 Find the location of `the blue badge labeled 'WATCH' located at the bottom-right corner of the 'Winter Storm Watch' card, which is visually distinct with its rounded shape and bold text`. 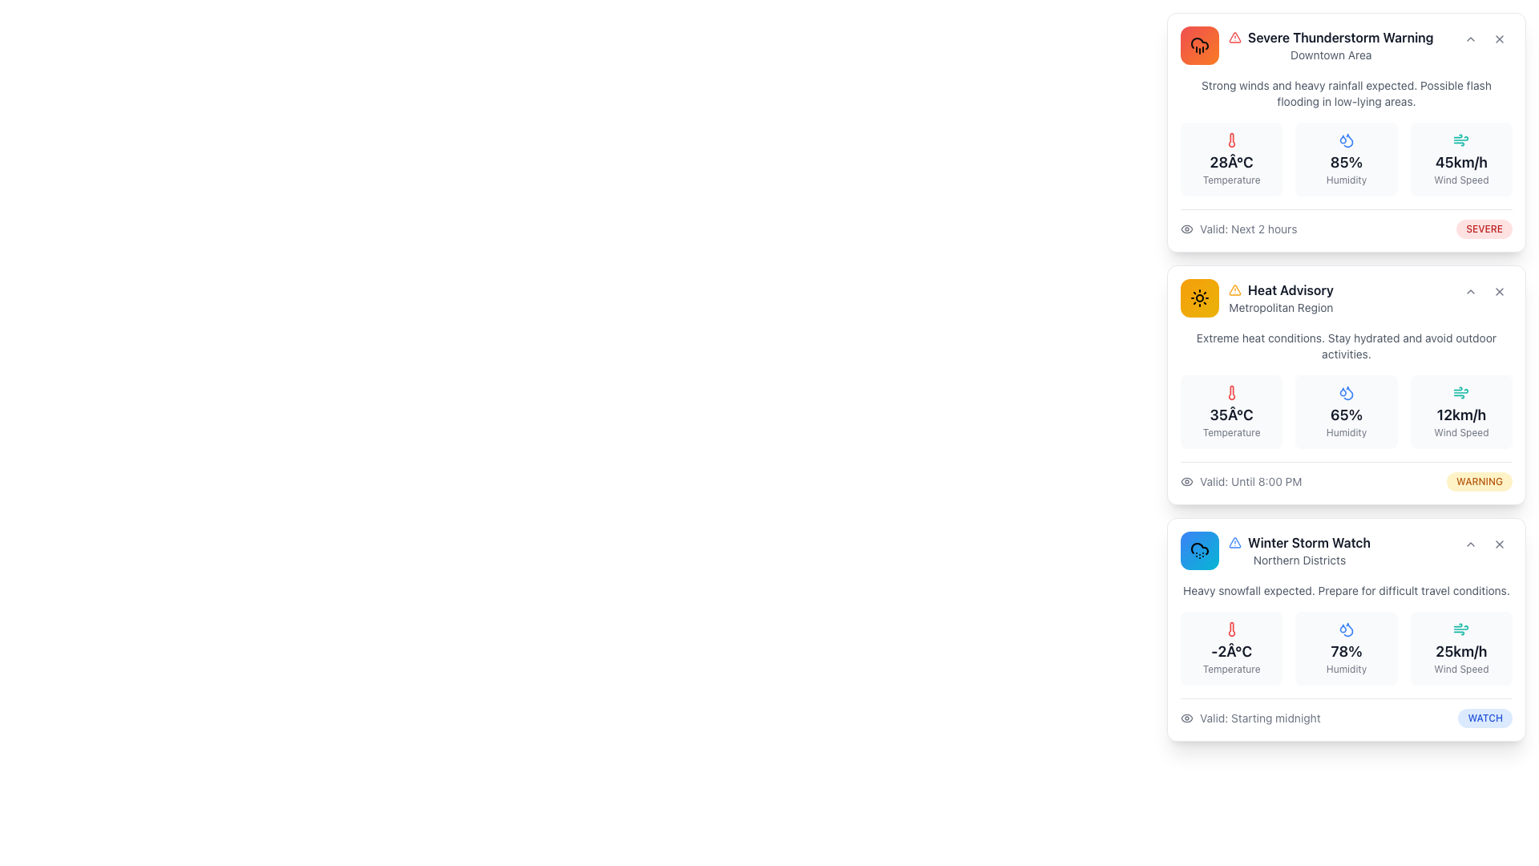

the blue badge labeled 'WATCH' located at the bottom-right corner of the 'Winter Storm Watch' card, which is visually distinct with its rounded shape and bold text is located at coordinates (1484, 717).